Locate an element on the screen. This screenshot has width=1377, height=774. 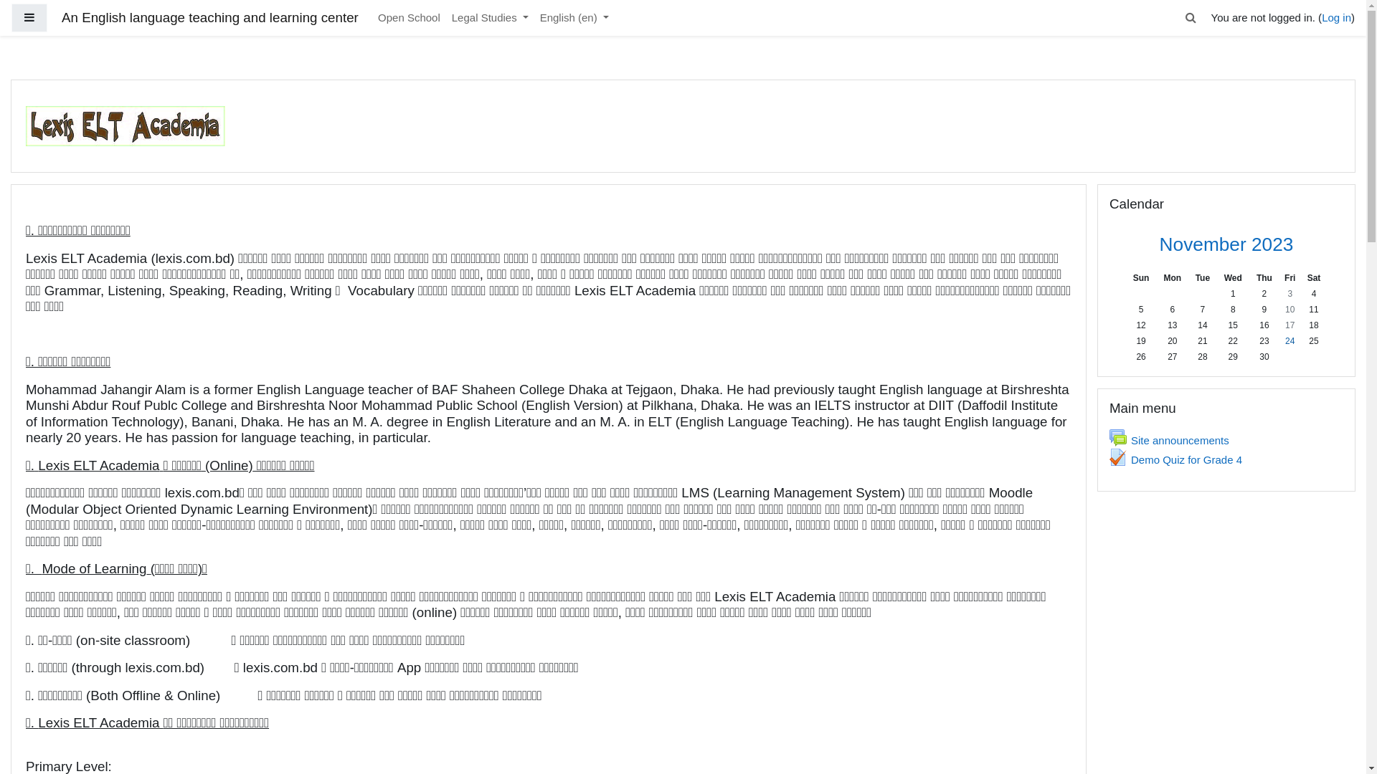
'November 2023' is located at coordinates (1226, 243).